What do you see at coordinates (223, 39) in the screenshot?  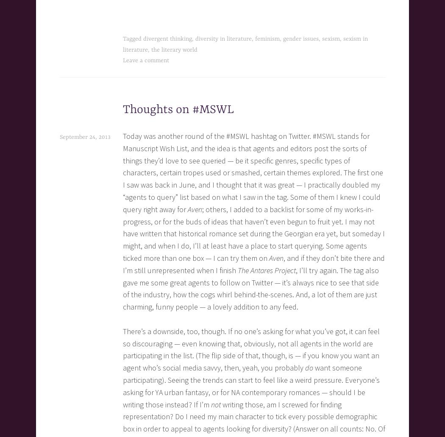 I see `'diversity in literature'` at bounding box center [223, 39].